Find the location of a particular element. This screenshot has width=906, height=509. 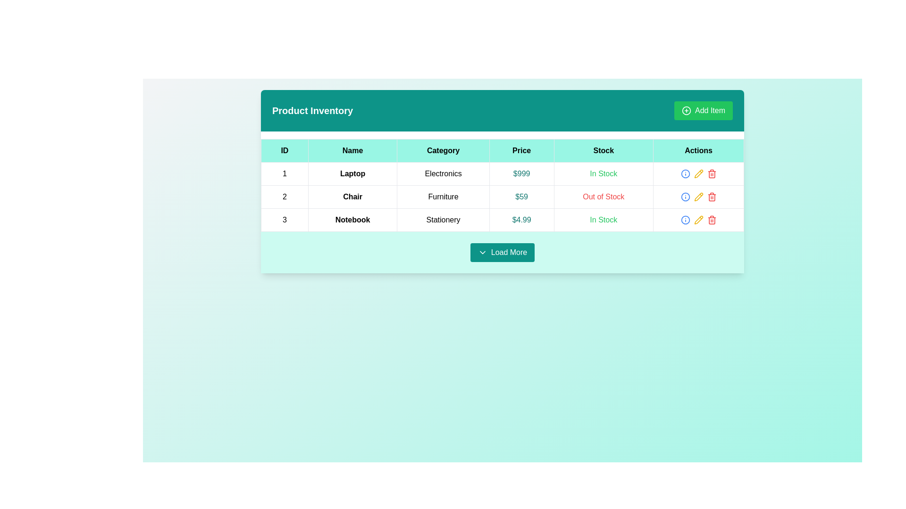

the Text label in the second row of the table under the 'Category' column, which is the third element in that row is located at coordinates (443, 196).